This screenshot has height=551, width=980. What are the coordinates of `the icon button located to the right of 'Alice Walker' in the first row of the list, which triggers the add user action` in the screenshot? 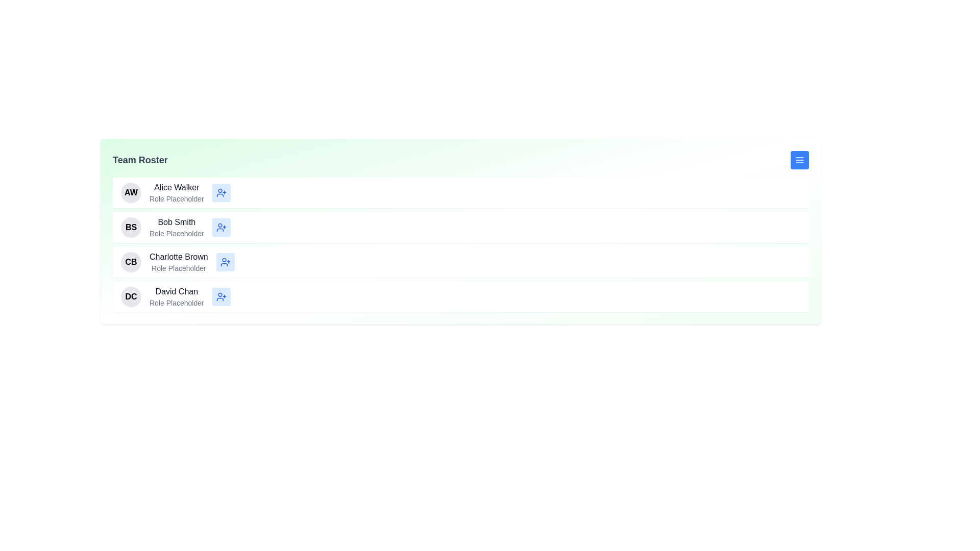 It's located at (220, 193).